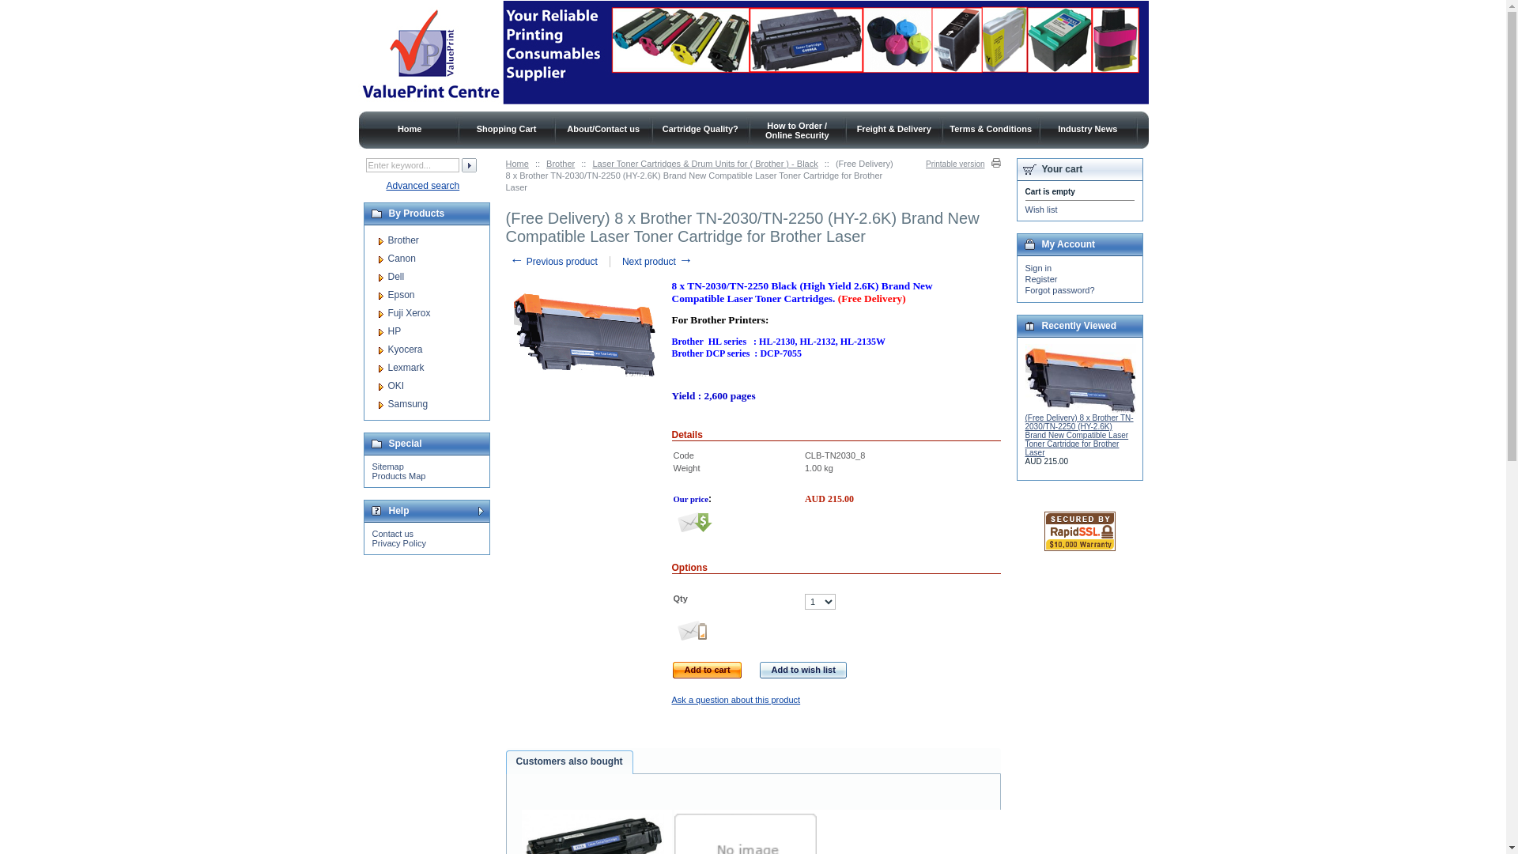  I want to click on 'HP', so click(394, 331).